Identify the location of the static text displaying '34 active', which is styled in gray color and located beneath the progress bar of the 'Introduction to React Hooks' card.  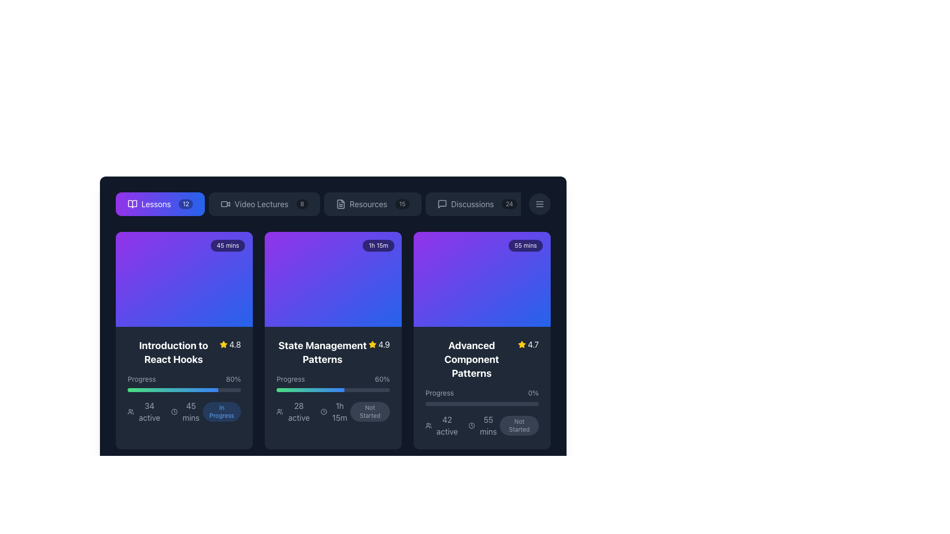
(149, 412).